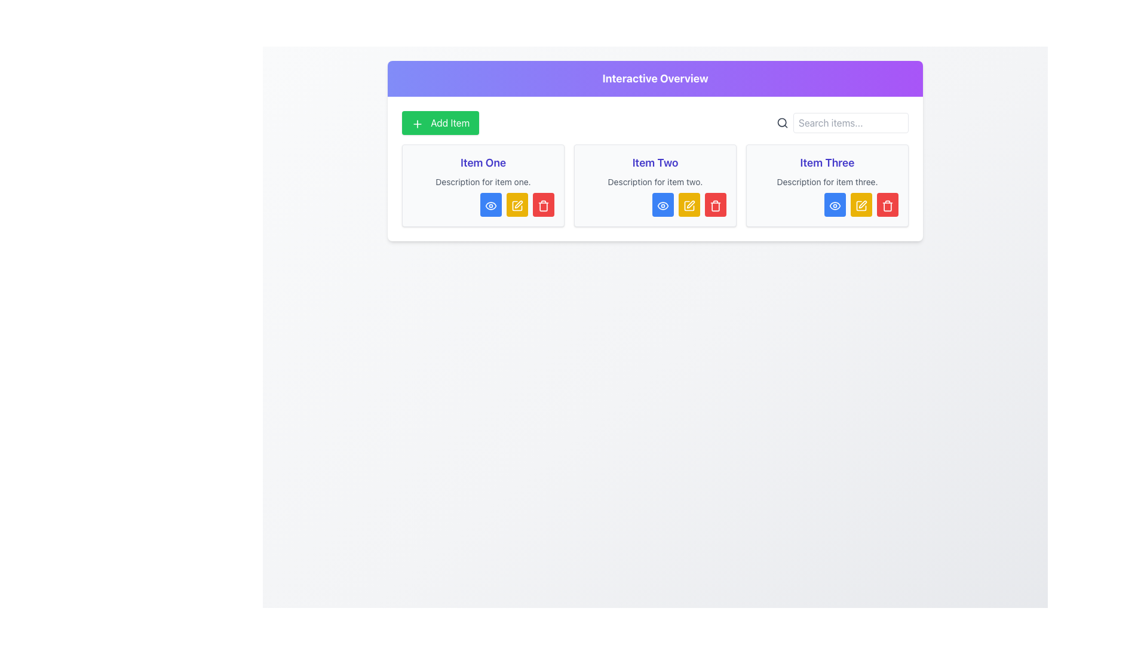 Image resolution: width=1147 pixels, height=645 pixels. Describe the element at coordinates (691, 204) in the screenshot. I see `the 'Edit' icon located in the action icons section below the 'Item Two' card, which is the second icon from the left following the eye icon` at that location.